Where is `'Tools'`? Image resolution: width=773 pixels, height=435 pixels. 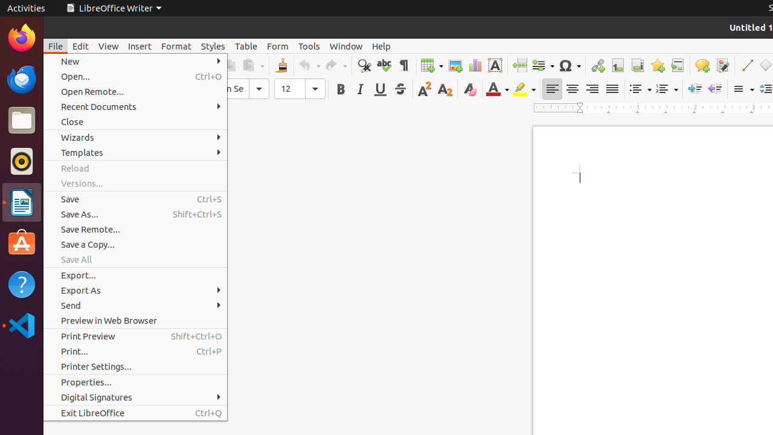
'Tools' is located at coordinates (309, 45).